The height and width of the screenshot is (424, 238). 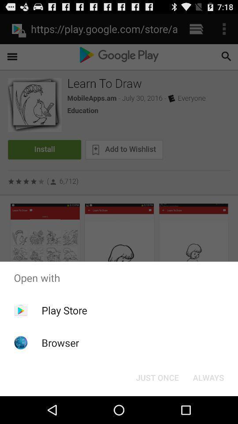 What do you see at coordinates (157, 377) in the screenshot?
I see `the item at the bottom` at bounding box center [157, 377].